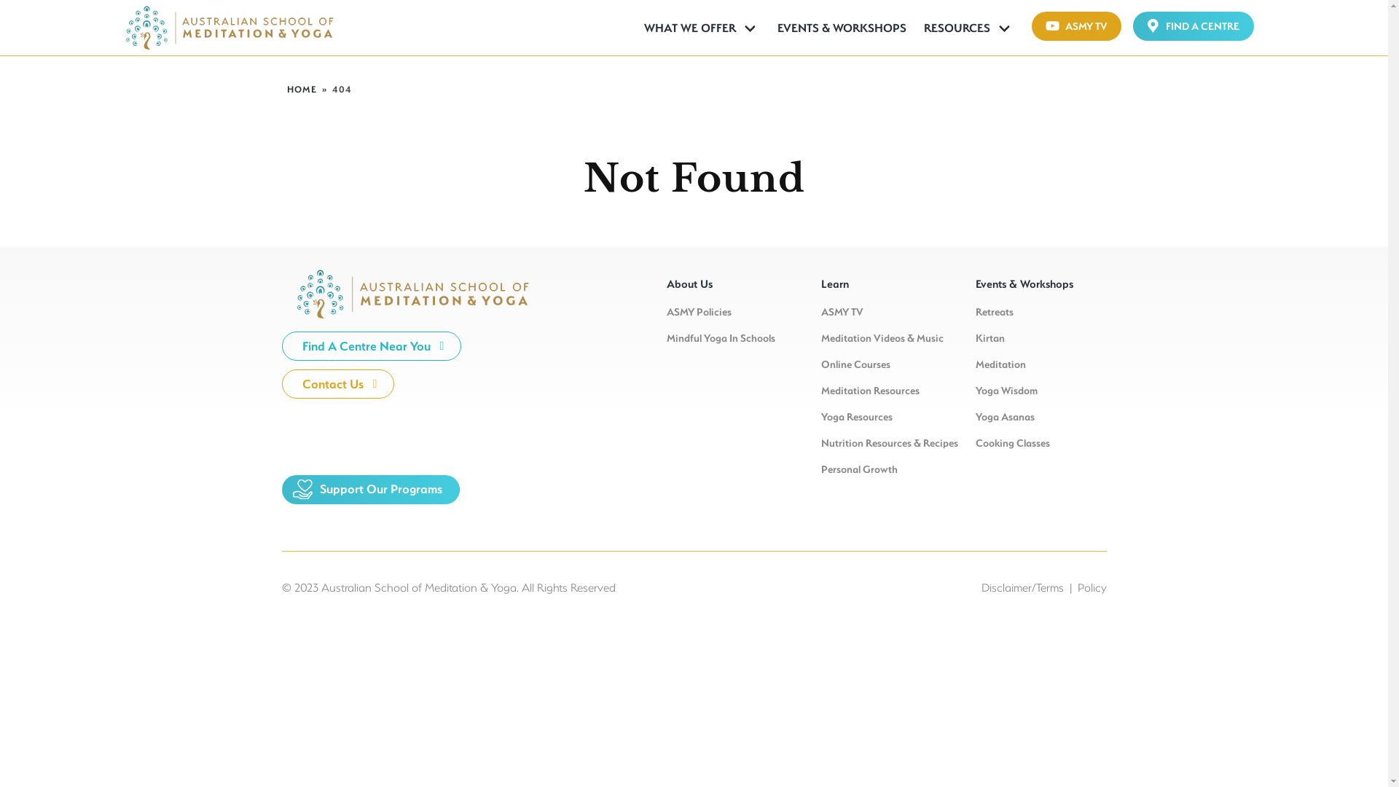  I want to click on 'About Us', so click(665, 284).